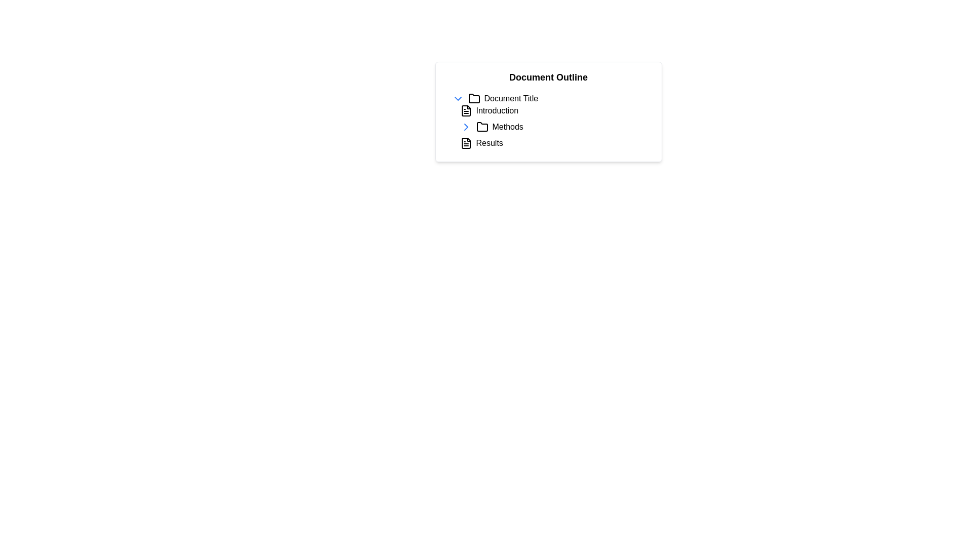 The image size is (972, 547). I want to click on the minimalist outline folder icon representing the 'Methods' section, so click(481, 126).